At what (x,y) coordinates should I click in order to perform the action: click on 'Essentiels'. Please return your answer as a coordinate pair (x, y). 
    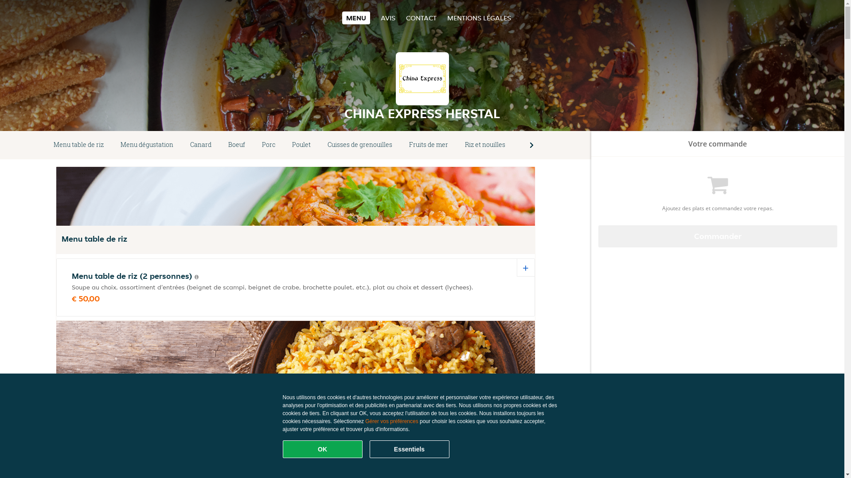
    Looking at the image, I should click on (409, 449).